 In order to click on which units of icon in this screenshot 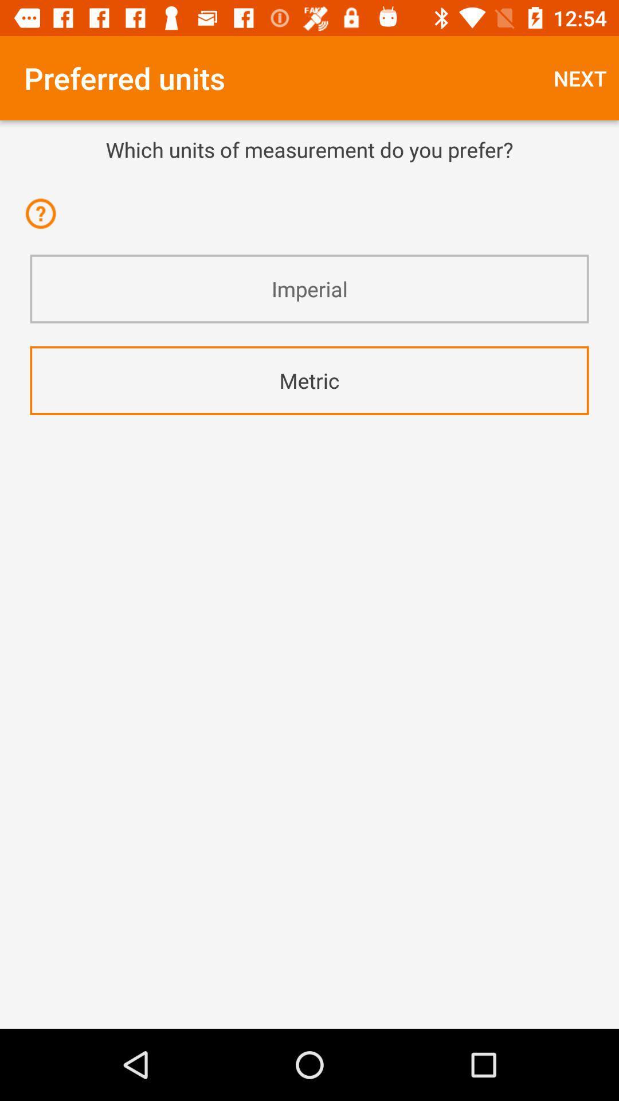, I will do `click(309, 149)`.